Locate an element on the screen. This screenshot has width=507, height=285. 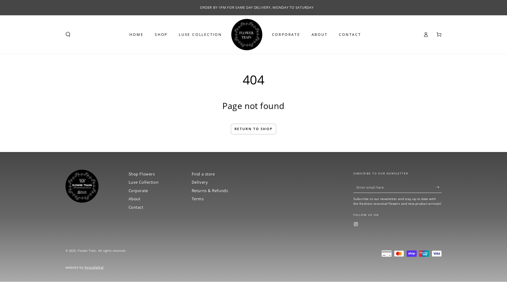
'RETURN TO SHOP' is located at coordinates (231, 129).